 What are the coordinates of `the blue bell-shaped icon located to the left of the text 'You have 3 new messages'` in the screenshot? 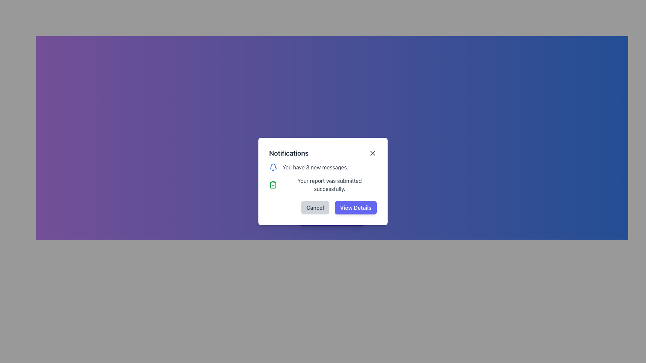 It's located at (273, 167).